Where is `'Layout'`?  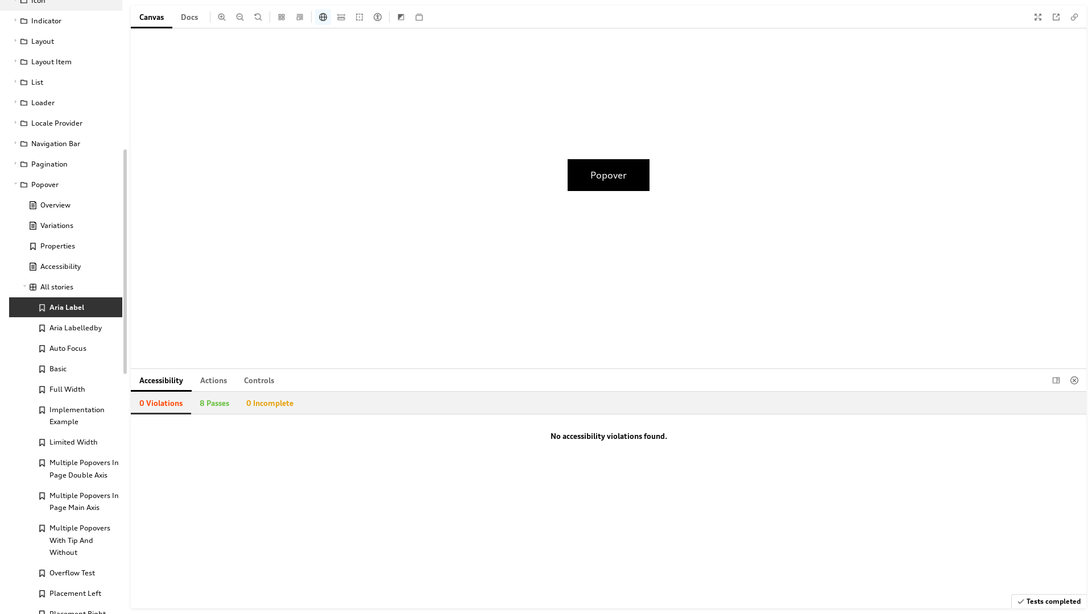 'Layout' is located at coordinates (60, 41).